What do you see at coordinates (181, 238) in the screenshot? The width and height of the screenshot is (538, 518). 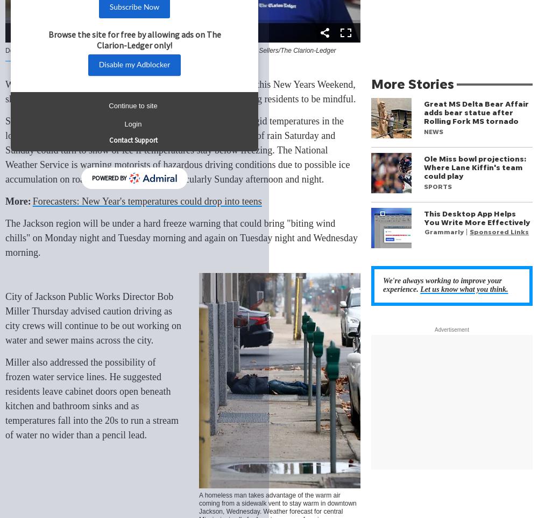 I see `'The Jackson region will be under a hard freeze warning that could bring "biting wind chills" on Monday night and Tuesday morning and again on Tuesday night and Wednesday morning.'` at bounding box center [181, 238].